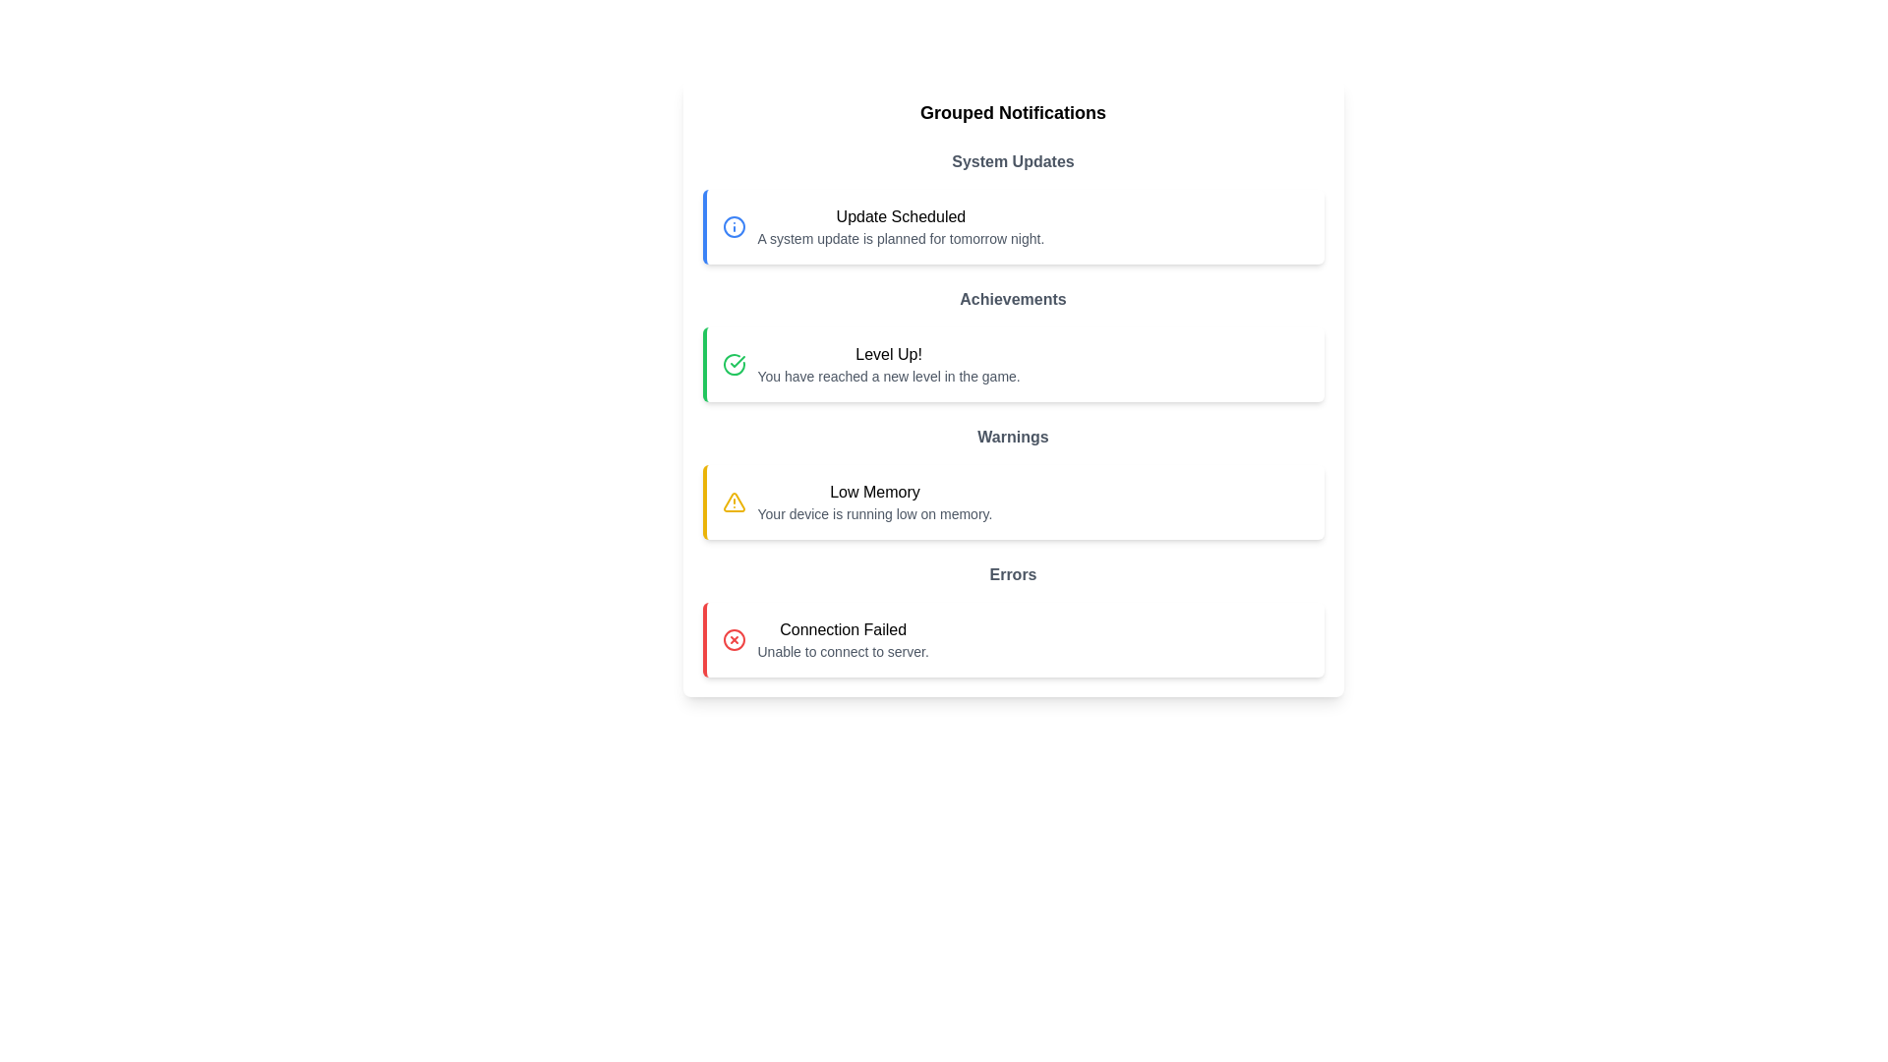 The image size is (1888, 1062). Describe the element at coordinates (733, 226) in the screenshot. I see `the circular blue informational icon with a white background and blue strokes, located at the left edge of the 'Update Scheduled' notification card` at that location.